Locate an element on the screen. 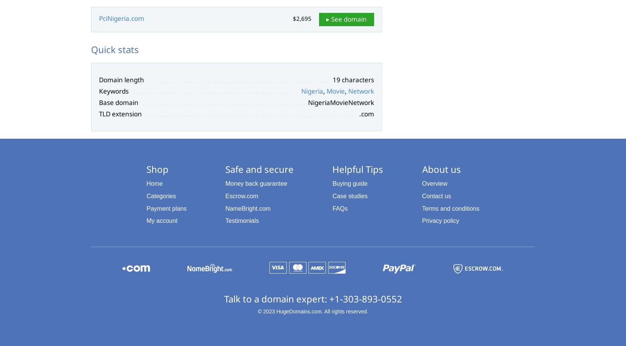  'Quick stats' is located at coordinates (115, 49).